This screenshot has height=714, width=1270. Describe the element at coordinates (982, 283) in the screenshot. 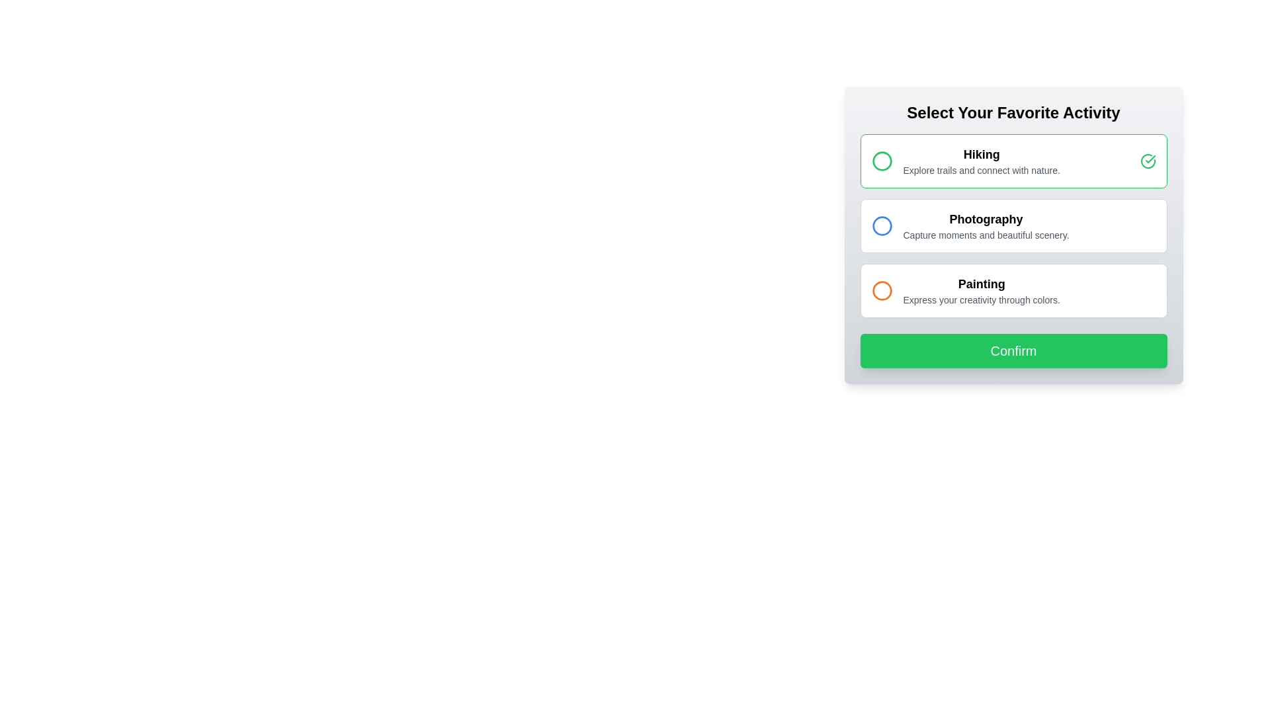

I see `text label that serves as a title for the 'Painting' activity, positioned above another label in the central panel of selectable activities` at that location.